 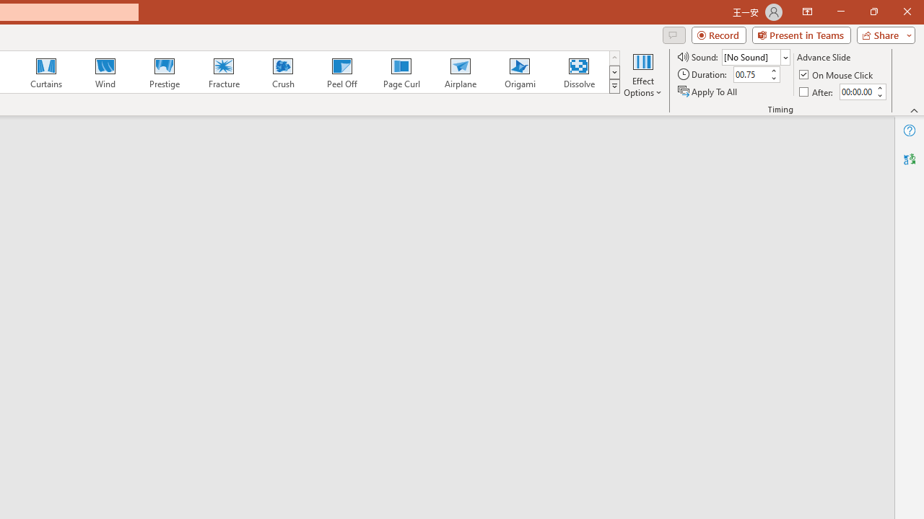 I want to click on 'Effect Options', so click(x=642, y=74).